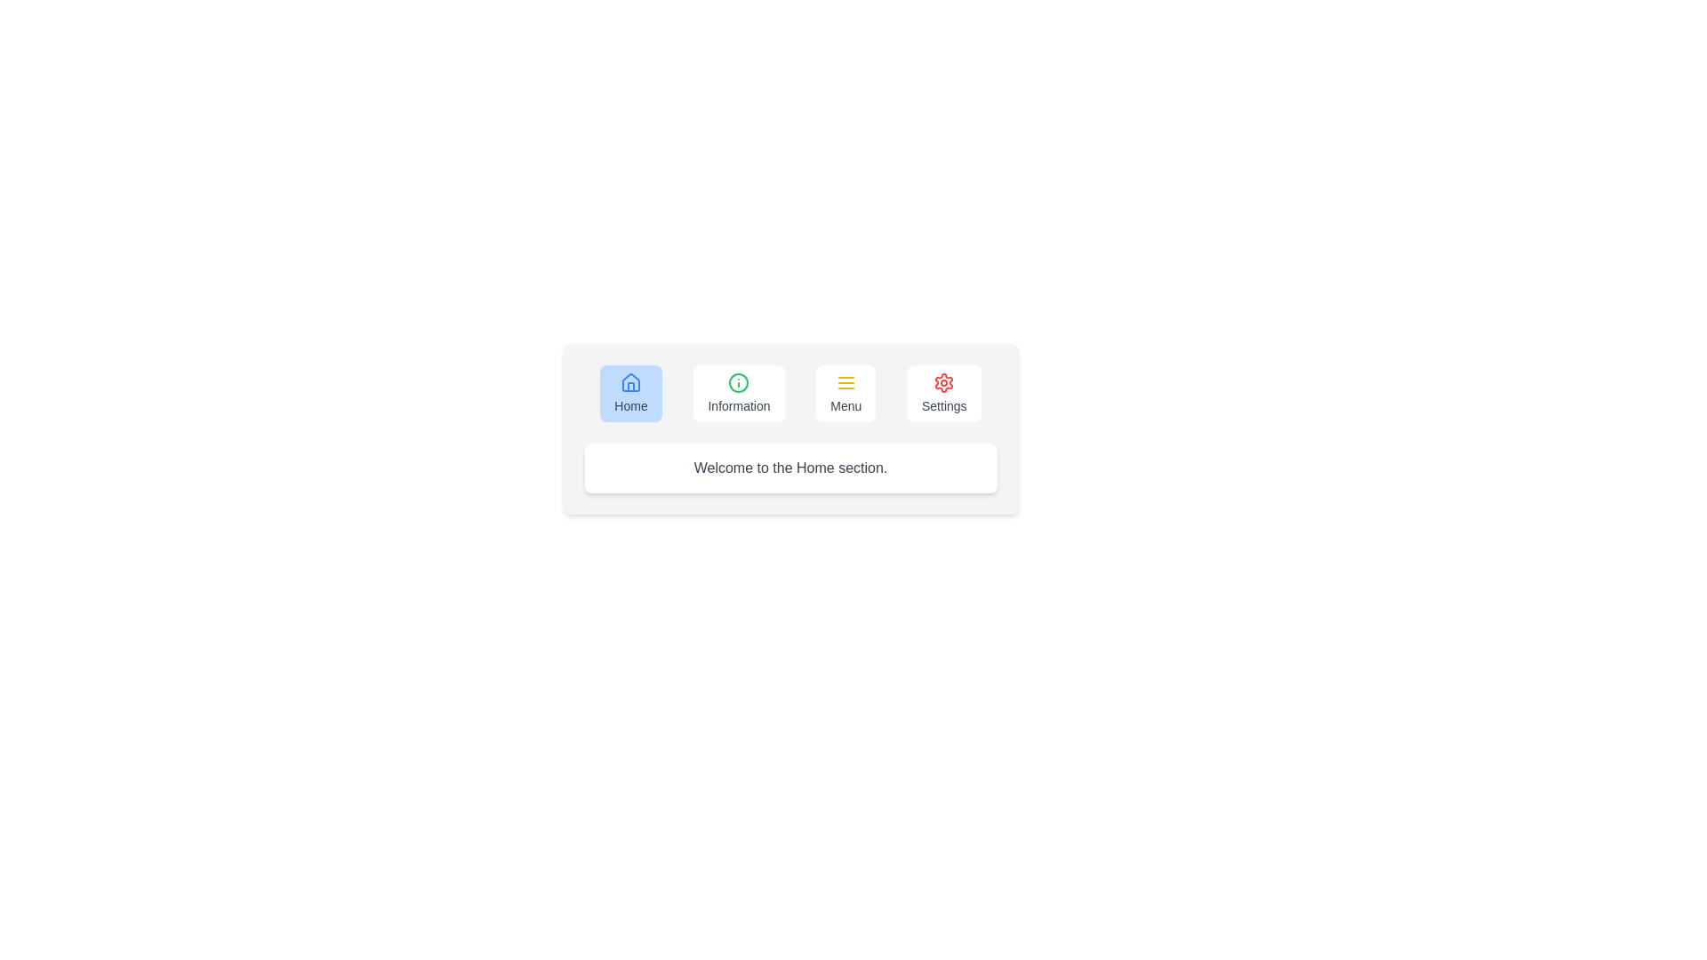  What do you see at coordinates (943, 382) in the screenshot?
I see `the 'Settings' button, which is the fourth button from the left in the horizontal navigation row` at bounding box center [943, 382].